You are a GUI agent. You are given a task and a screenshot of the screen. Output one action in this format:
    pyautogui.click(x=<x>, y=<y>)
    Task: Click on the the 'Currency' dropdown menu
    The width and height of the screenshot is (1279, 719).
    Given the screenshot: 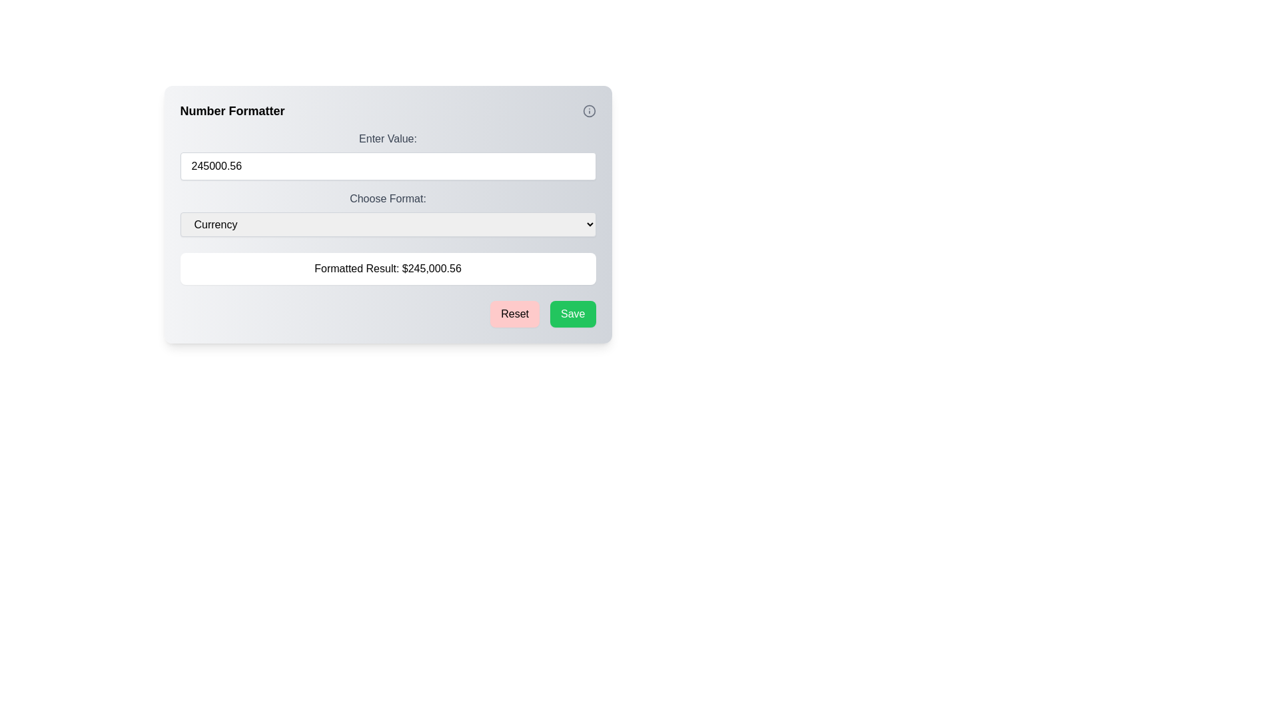 What is the action you would take?
    pyautogui.click(x=387, y=224)
    